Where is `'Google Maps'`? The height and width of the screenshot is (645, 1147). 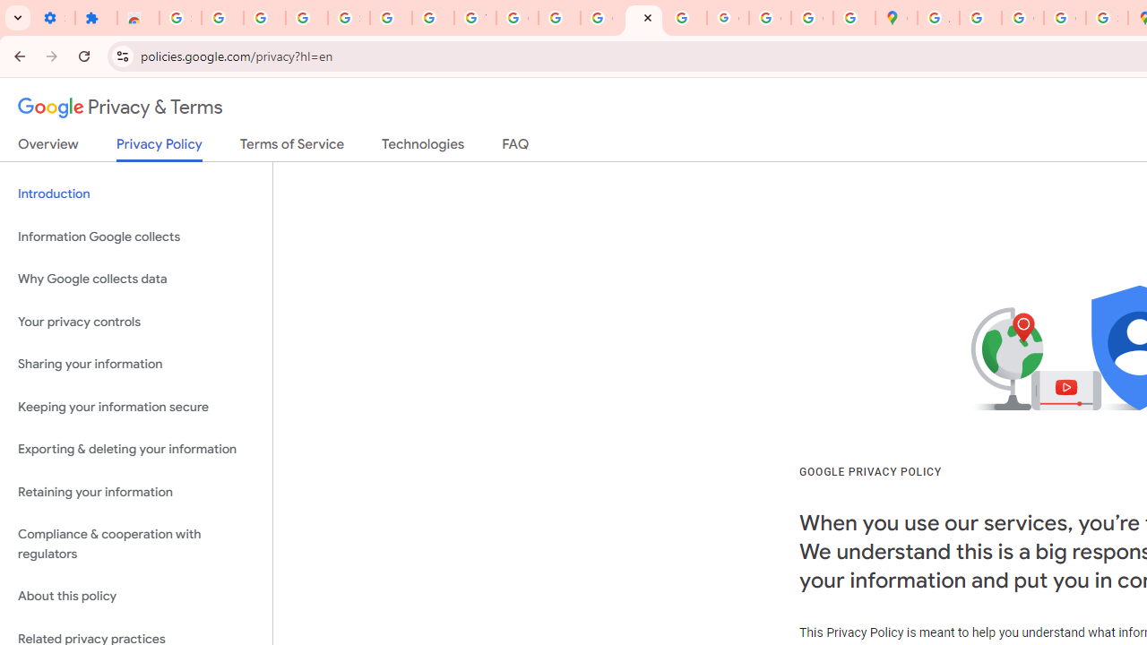
'Google Maps' is located at coordinates (896, 18).